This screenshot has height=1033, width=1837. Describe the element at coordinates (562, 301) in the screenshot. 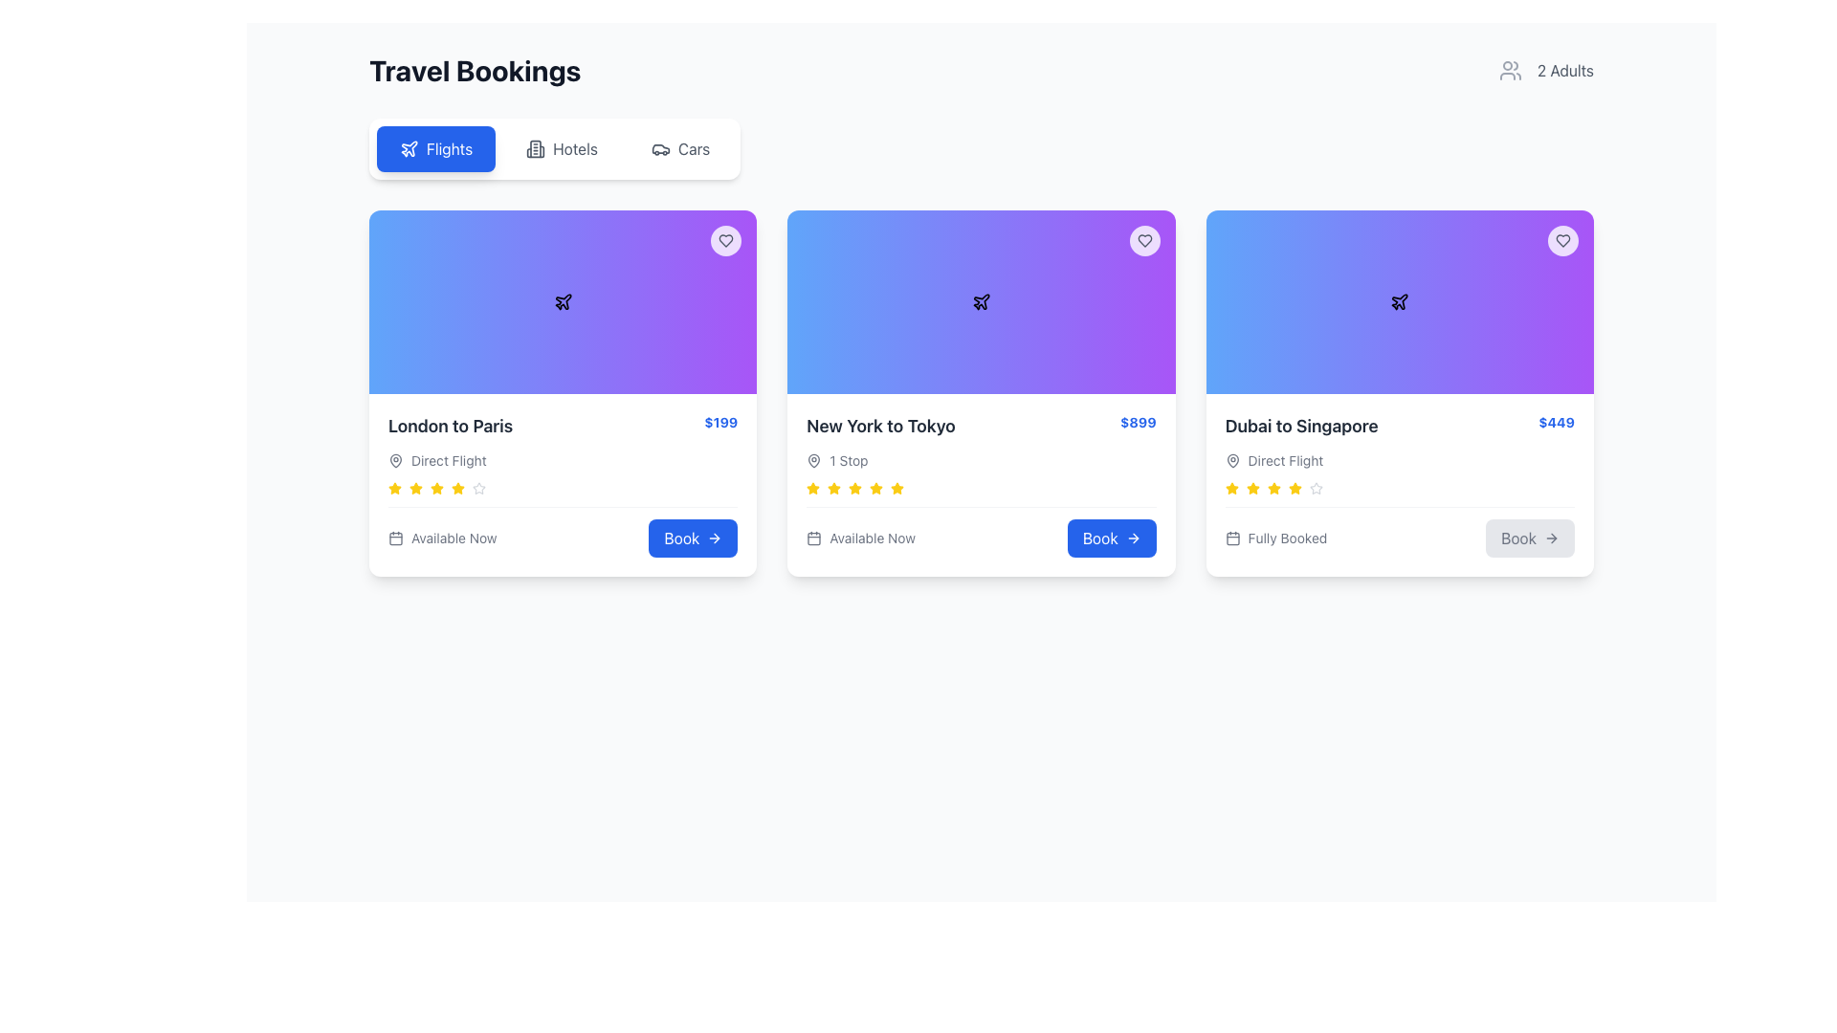

I see `the air travel graphic/icon located at the center of the first card titled 'London to Paris' in the travel booking section` at that location.